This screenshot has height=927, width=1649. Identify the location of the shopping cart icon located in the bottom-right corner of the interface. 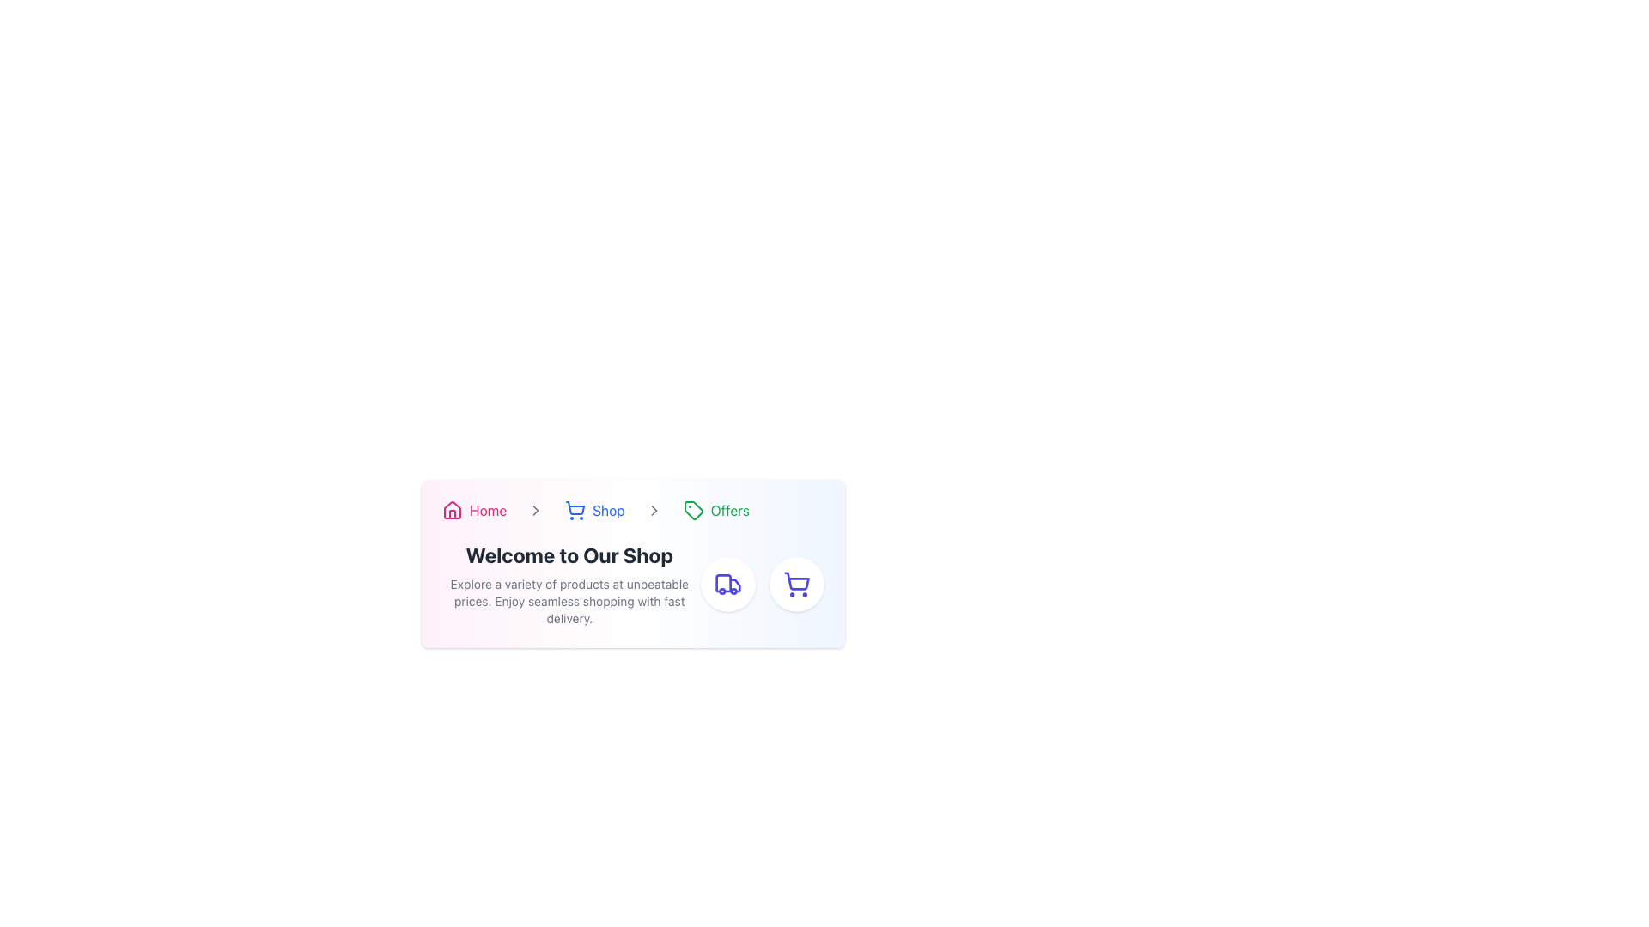
(795, 584).